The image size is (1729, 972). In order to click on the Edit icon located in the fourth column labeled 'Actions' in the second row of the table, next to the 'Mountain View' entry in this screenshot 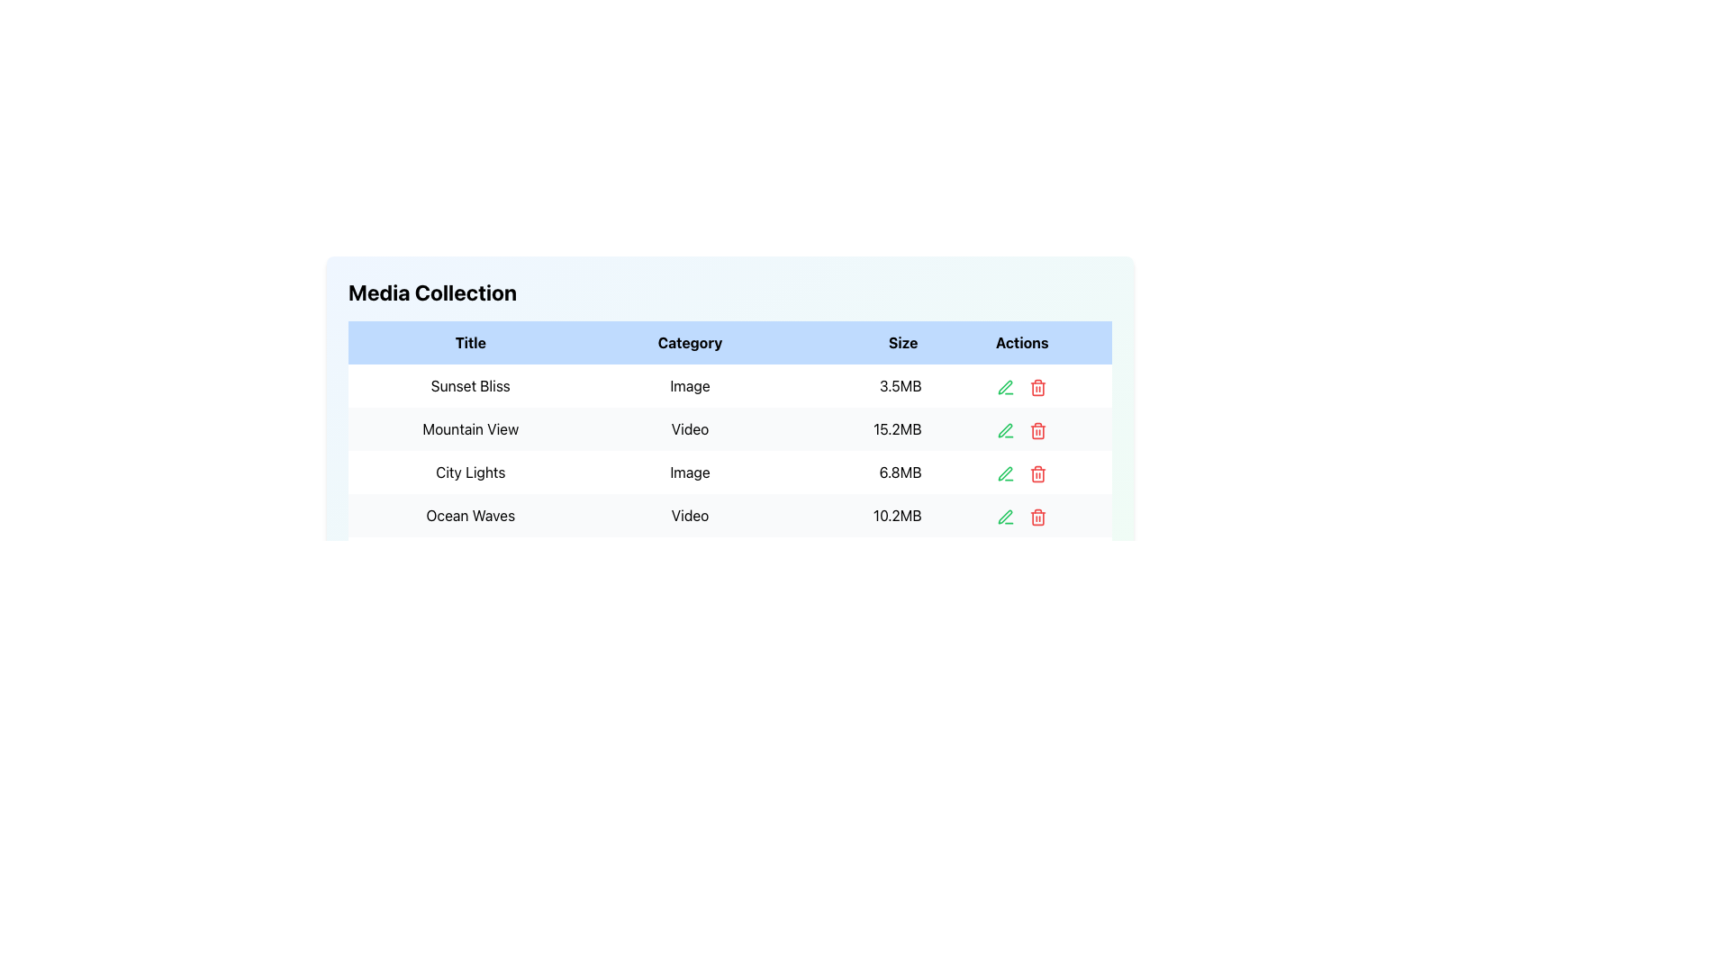, I will do `click(1005, 429)`.